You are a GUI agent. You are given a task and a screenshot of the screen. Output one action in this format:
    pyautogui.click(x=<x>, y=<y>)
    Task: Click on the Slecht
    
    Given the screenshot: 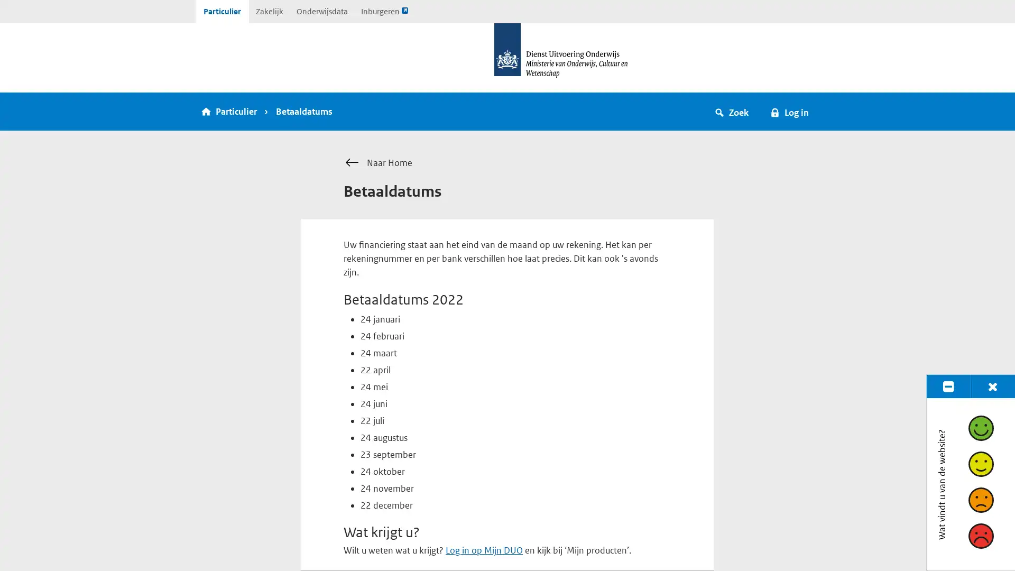 What is the action you would take?
    pyautogui.click(x=980, y=536)
    